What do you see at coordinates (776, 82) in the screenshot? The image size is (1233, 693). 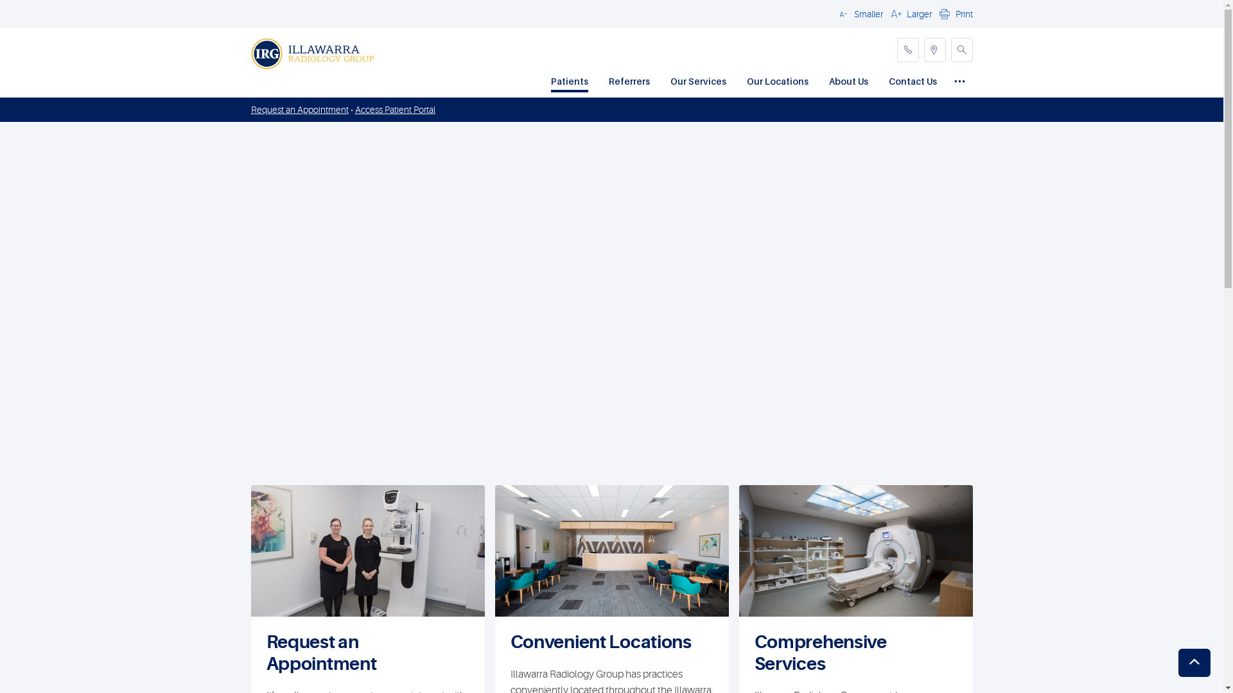 I see `'Our Locations'` at bounding box center [776, 82].